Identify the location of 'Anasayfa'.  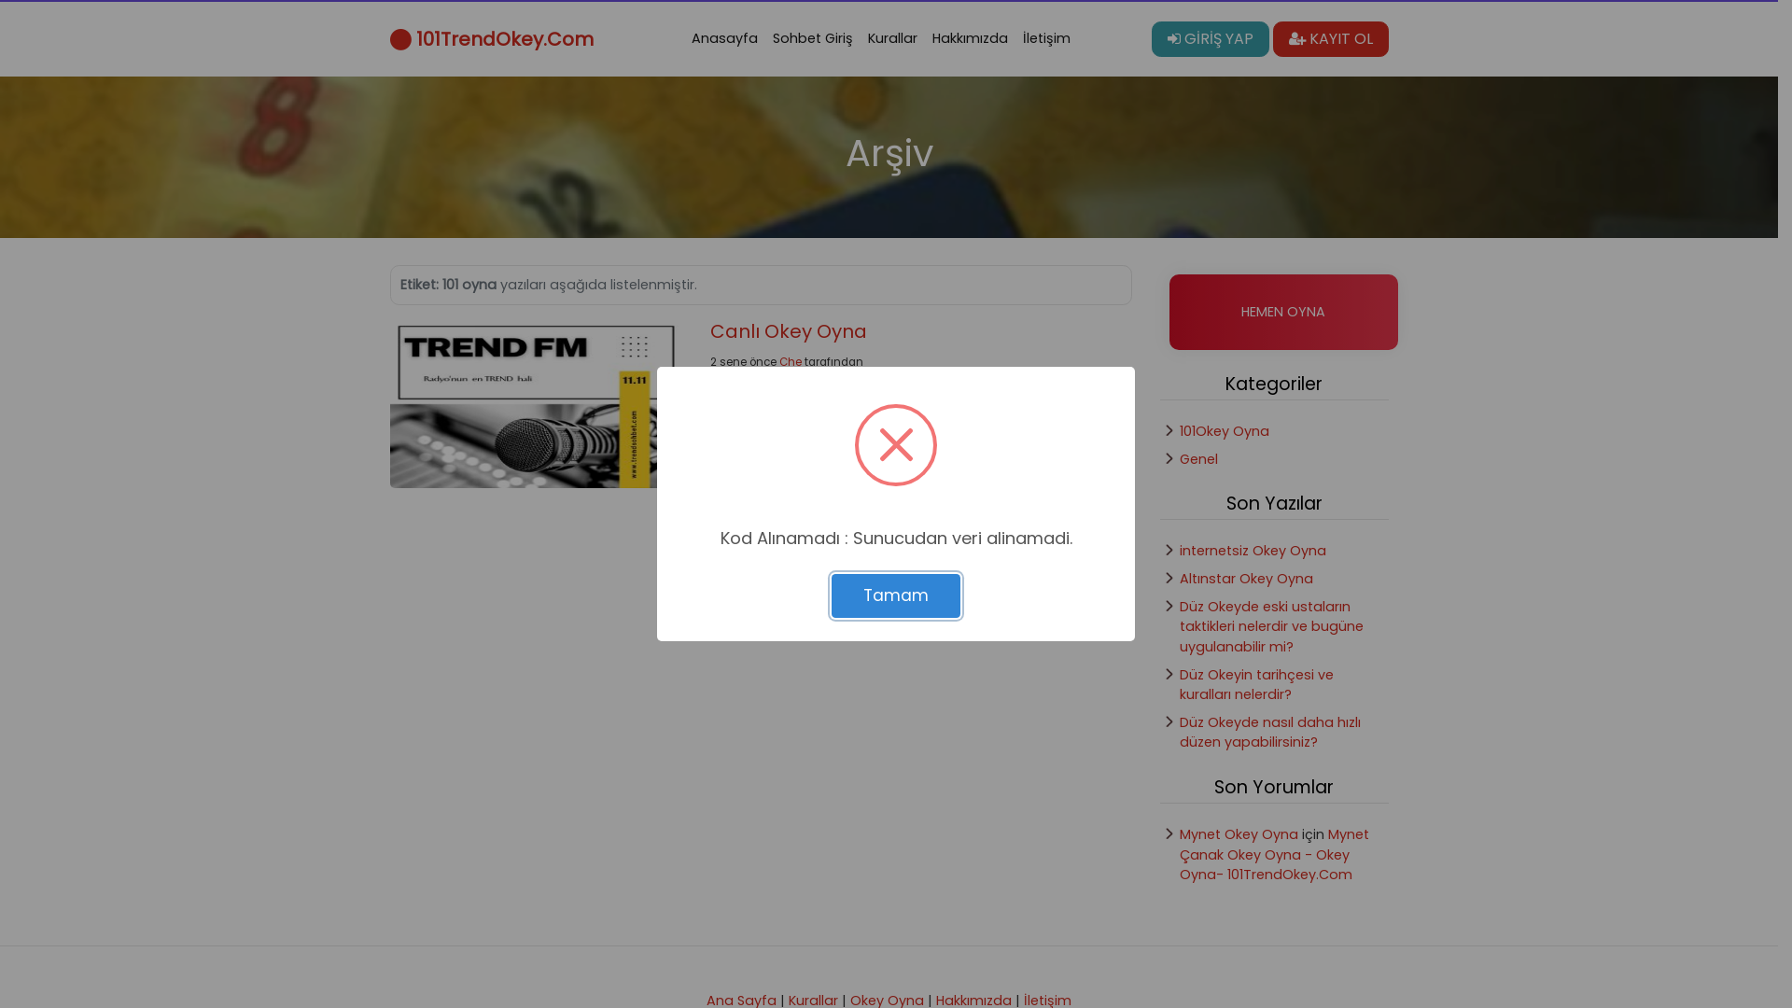
(723, 39).